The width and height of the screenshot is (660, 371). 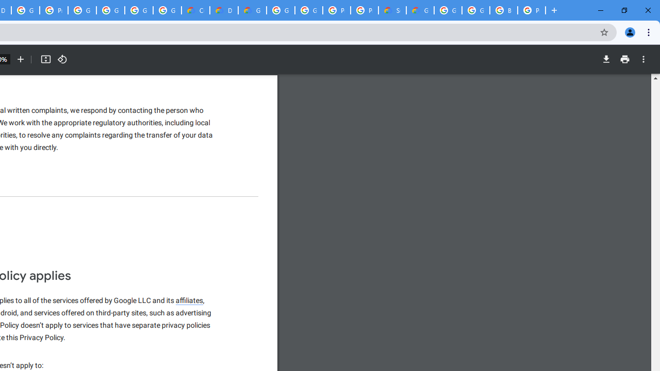 What do you see at coordinates (624, 59) in the screenshot?
I see `'Print'` at bounding box center [624, 59].